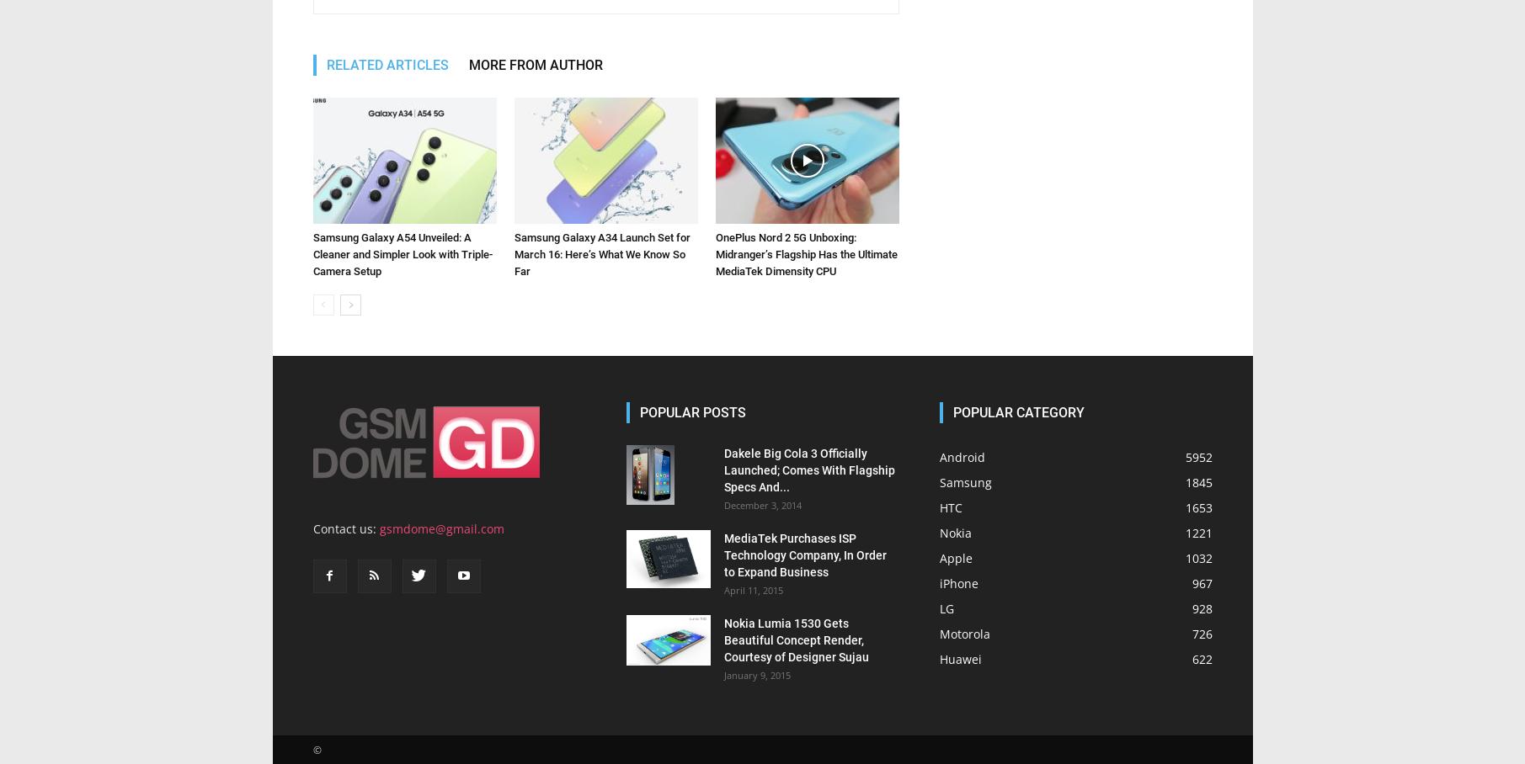 The width and height of the screenshot is (1525, 764). Describe the element at coordinates (962, 634) in the screenshot. I see `'Motorola'` at that location.